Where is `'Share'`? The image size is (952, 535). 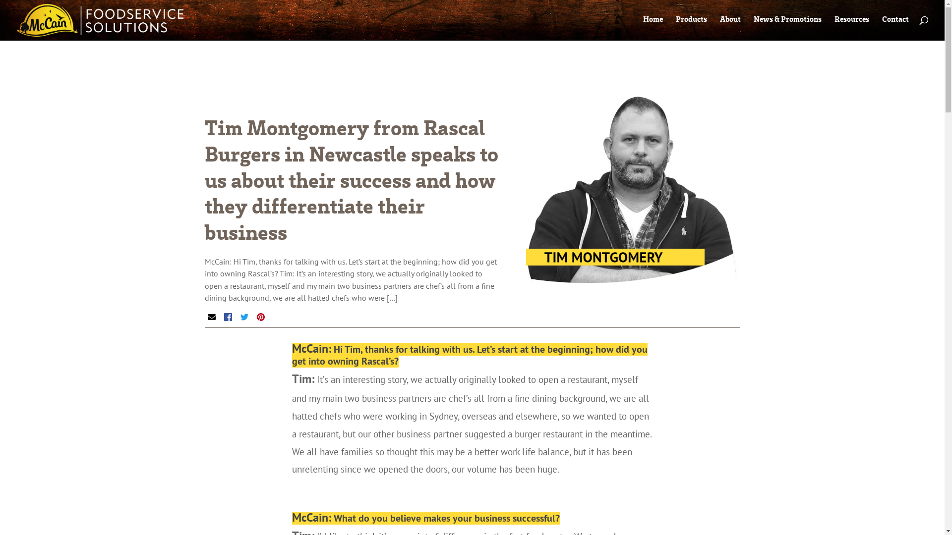 'Share' is located at coordinates (223, 317).